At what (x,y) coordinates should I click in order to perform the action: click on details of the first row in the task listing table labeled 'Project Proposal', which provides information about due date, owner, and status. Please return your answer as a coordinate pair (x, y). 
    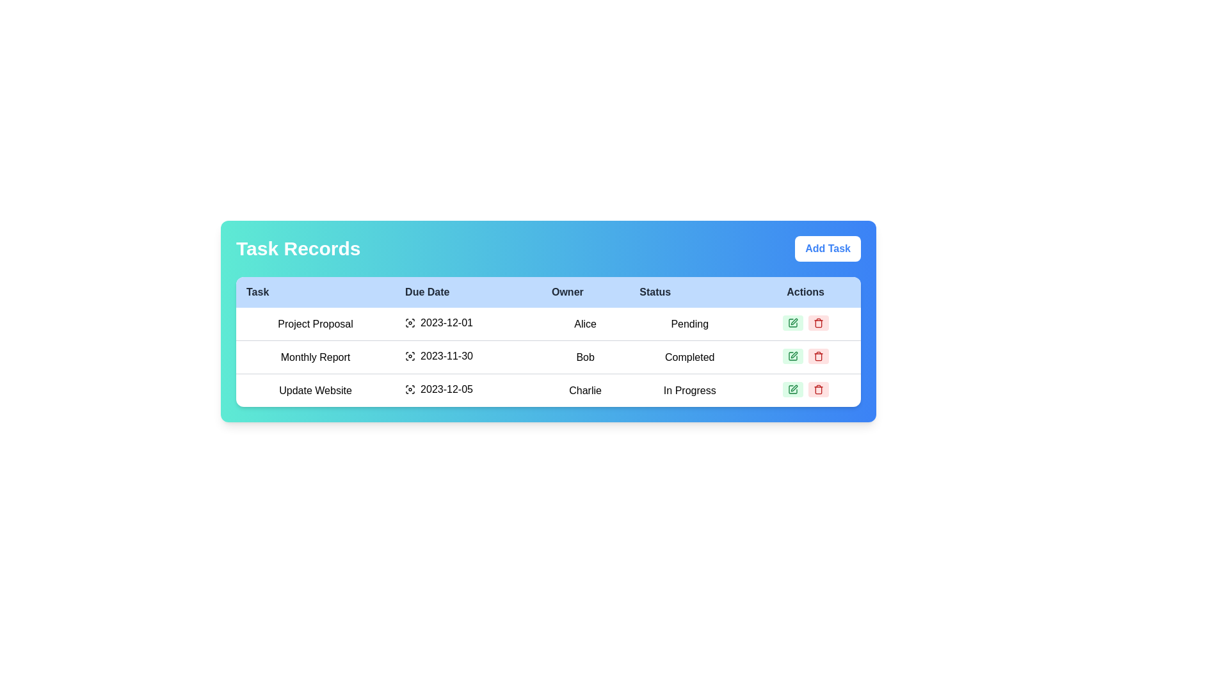
    Looking at the image, I should click on (549, 322).